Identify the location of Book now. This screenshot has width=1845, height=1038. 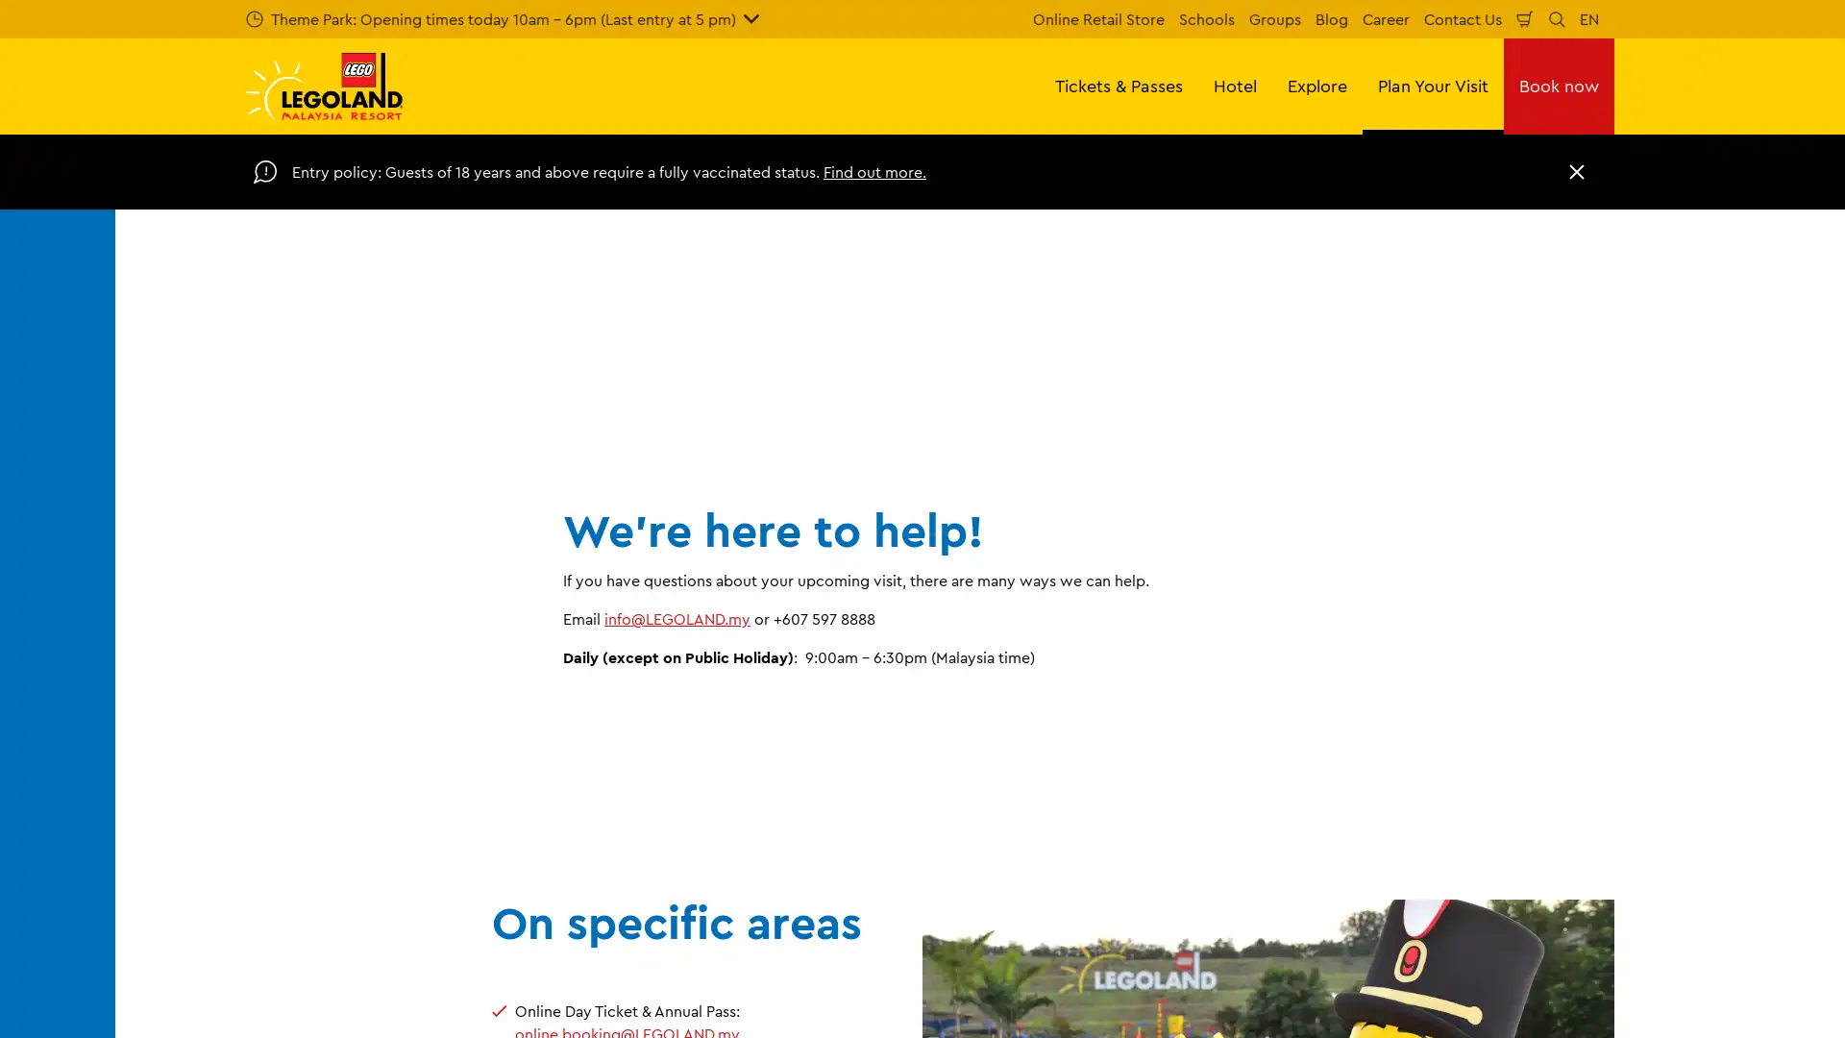
(1559, 85).